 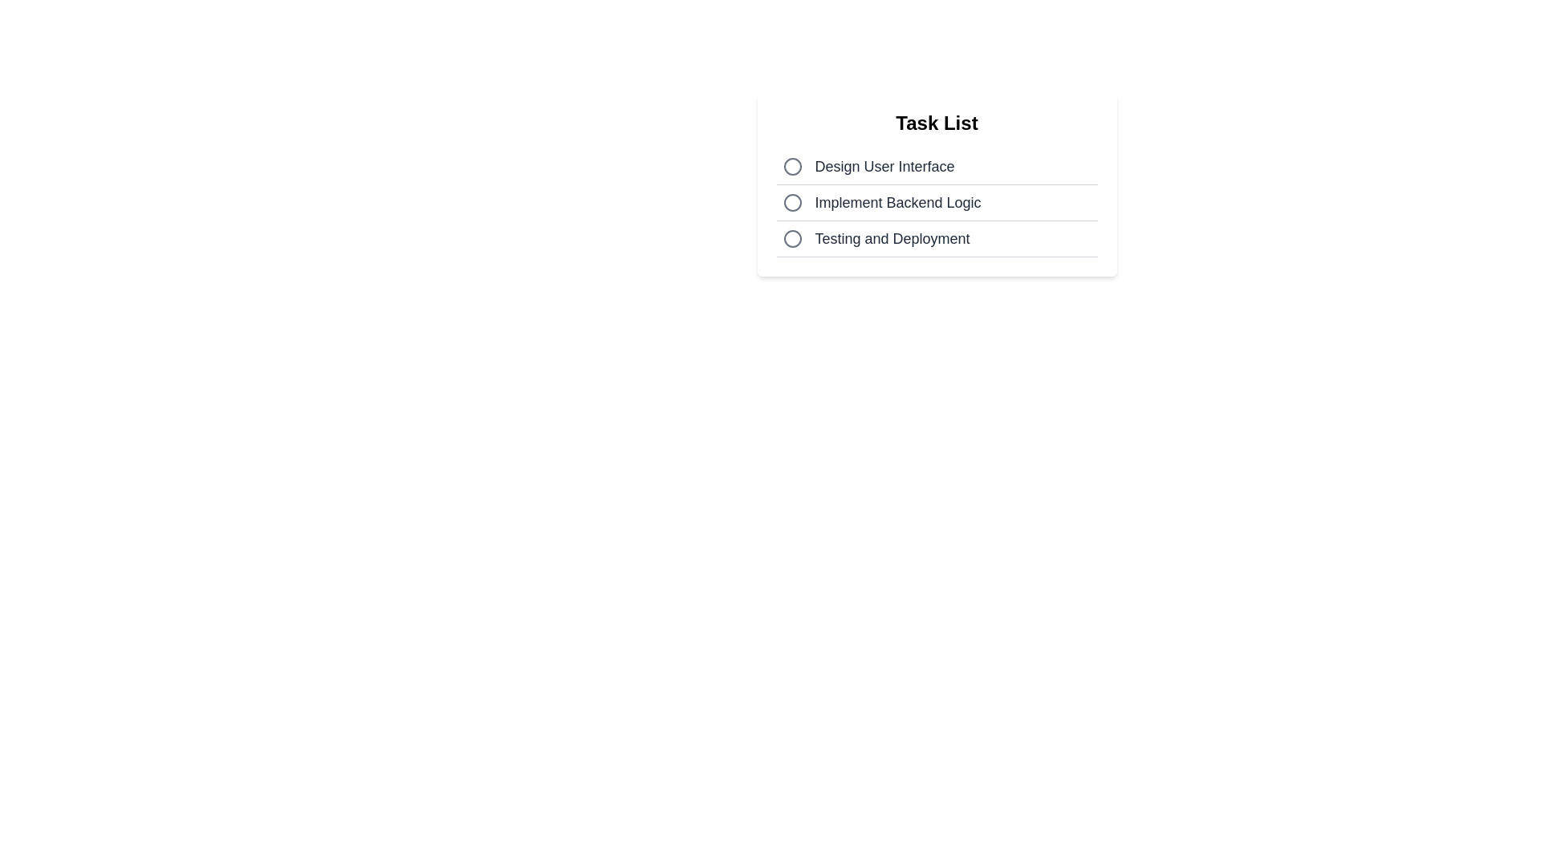 What do you see at coordinates (792, 238) in the screenshot?
I see `the checkbox-like interactive element located in the leftmost area of the 'Testing and Deployment' list item` at bounding box center [792, 238].